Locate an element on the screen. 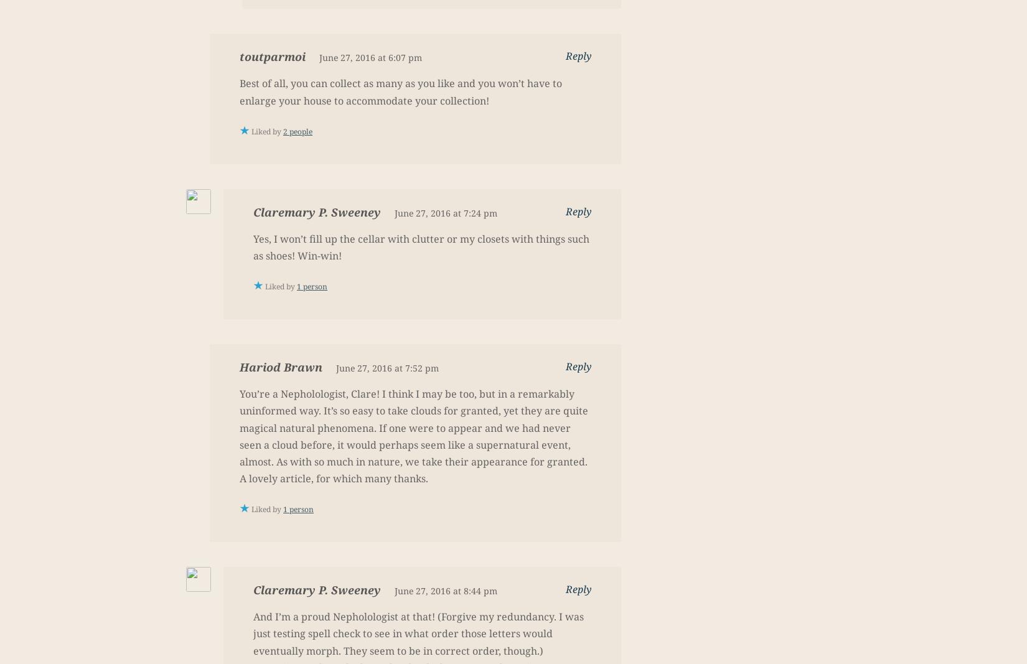 This screenshot has height=664, width=1027. 'toutparmoi' is located at coordinates (272, 56).